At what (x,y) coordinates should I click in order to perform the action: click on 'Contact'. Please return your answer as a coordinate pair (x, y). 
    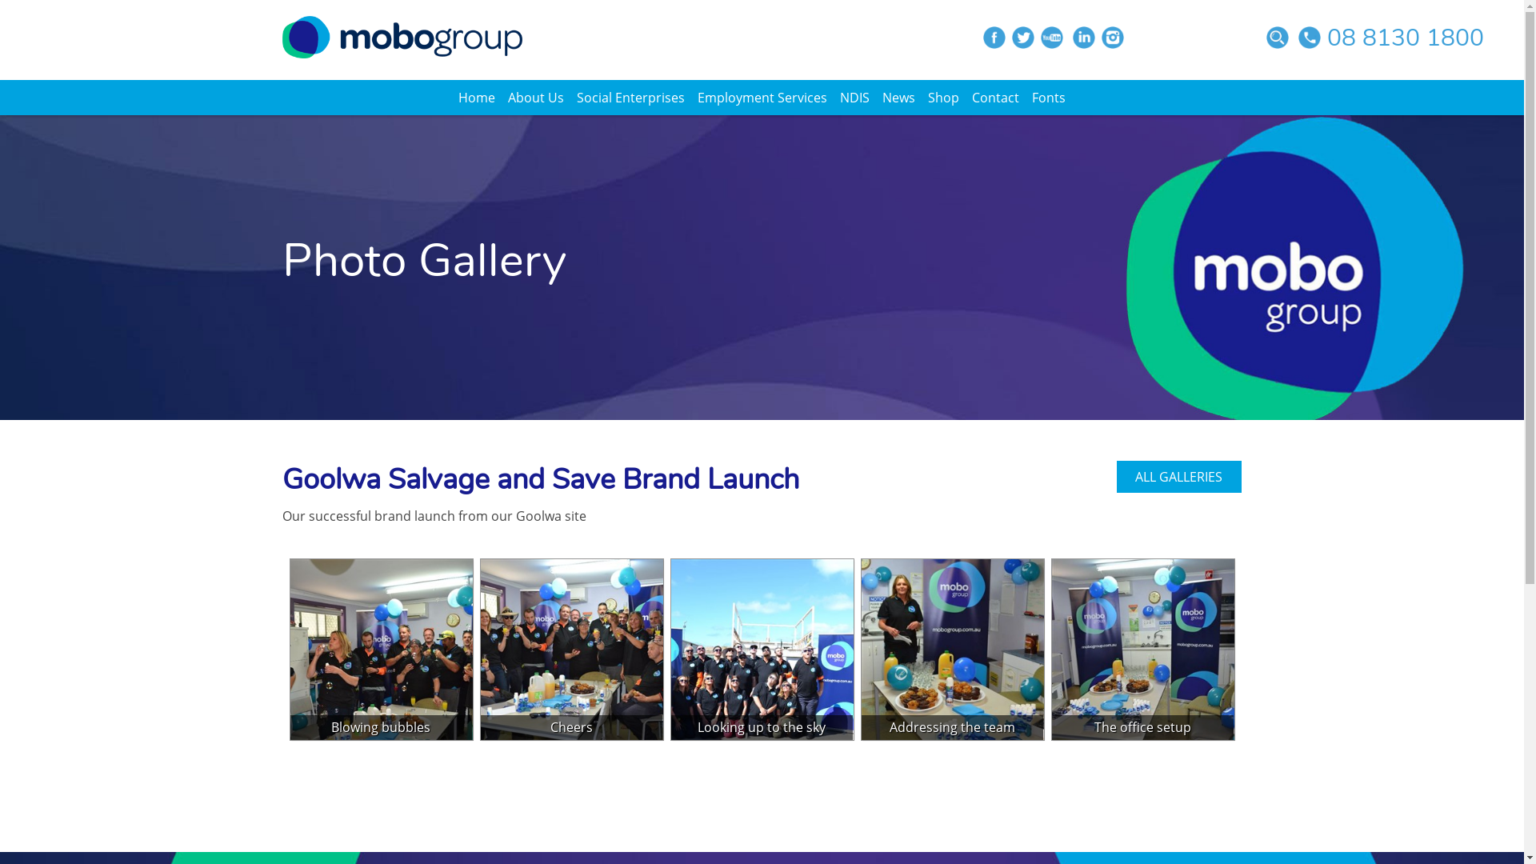
    Looking at the image, I should click on (994, 98).